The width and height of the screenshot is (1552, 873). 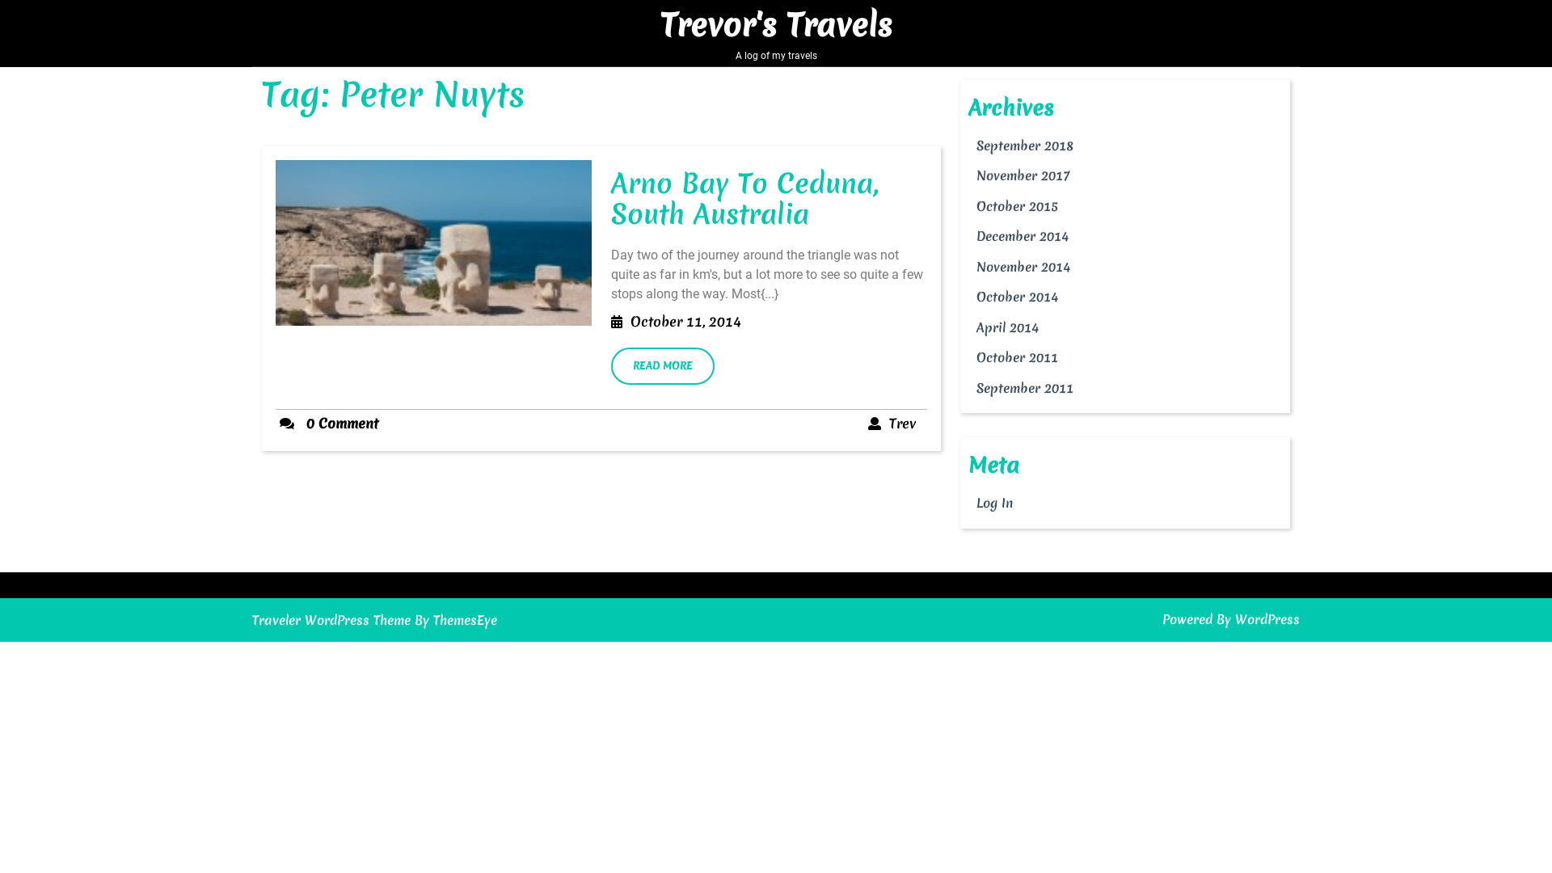 I want to click on 'December 2014', so click(x=1022, y=236).